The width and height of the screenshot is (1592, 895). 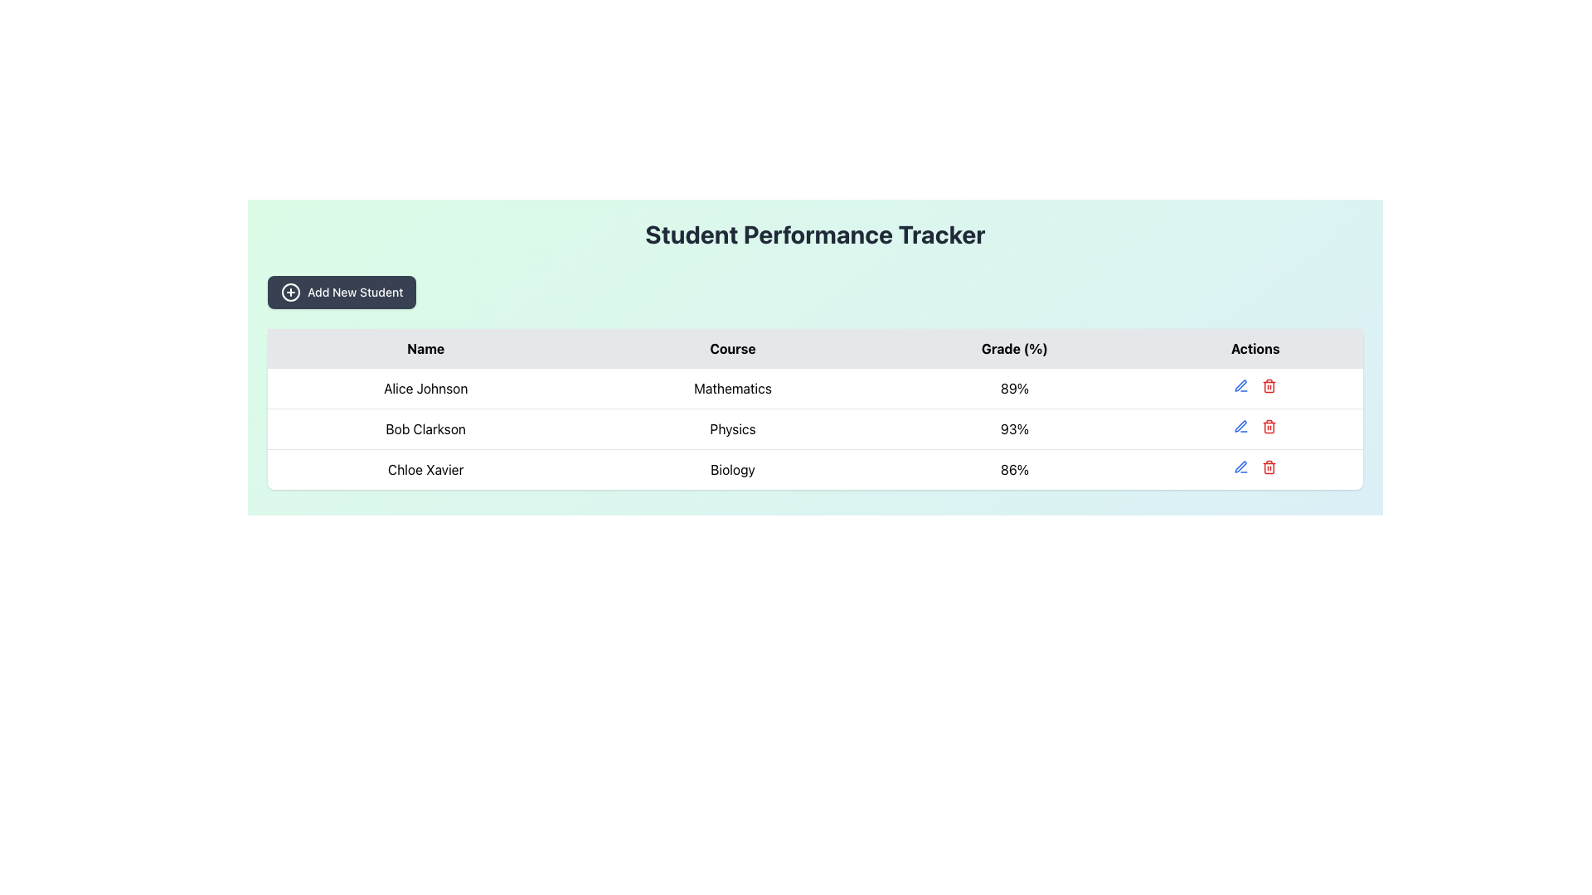 What do you see at coordinates (1014, 347) in the screenshot?
I see `the third column header of the table, which indicates the 'Grade (%)' column, located between 'Course' and 'Actions'` at bounding box center [1014, 347].